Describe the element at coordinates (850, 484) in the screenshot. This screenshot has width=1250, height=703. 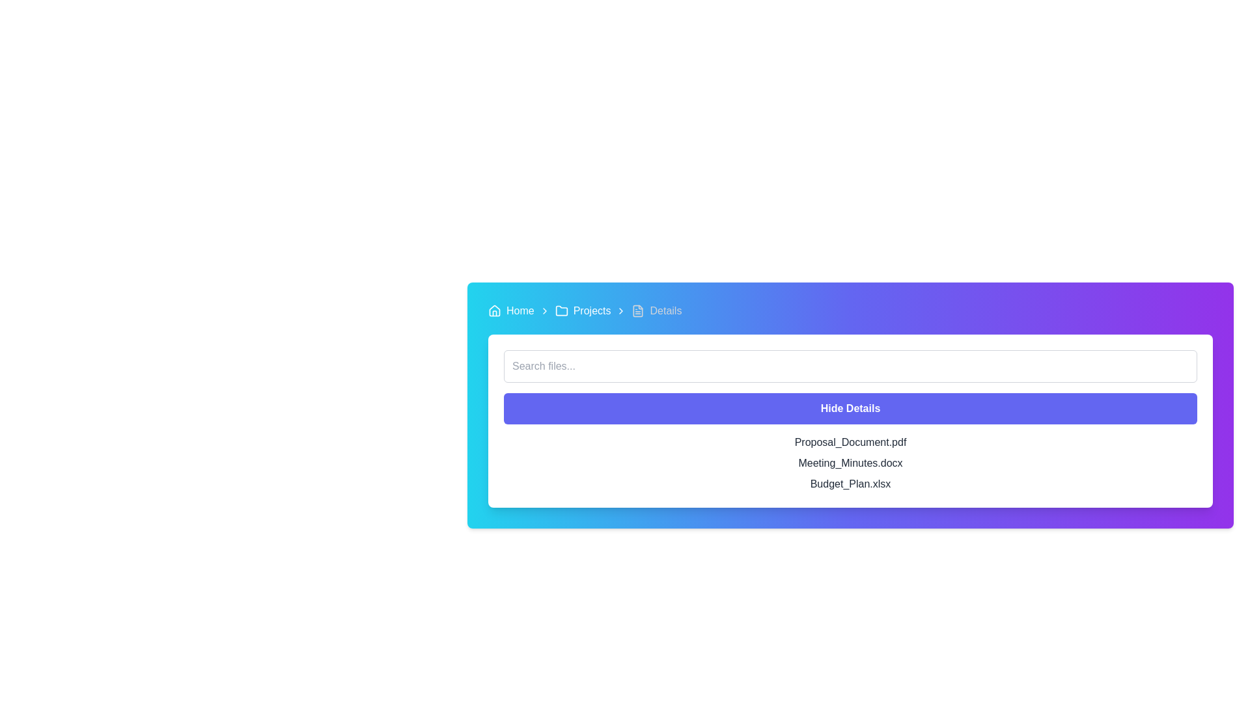
I see `the text label displaying the filename 'Budget_Plan.xlsx', which is the third item in a vertically stacked list of filenames` at that location.